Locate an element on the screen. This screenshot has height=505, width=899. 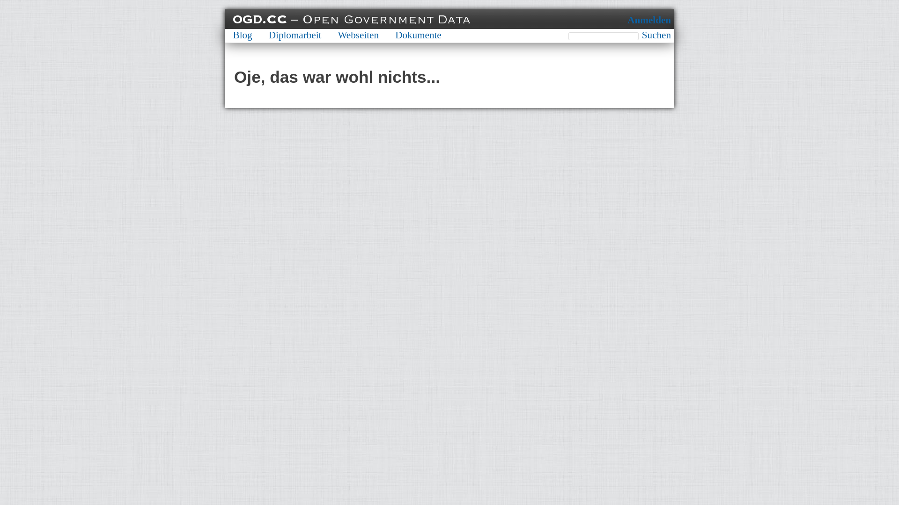
'Blog' is located at coordinates (233, 34).